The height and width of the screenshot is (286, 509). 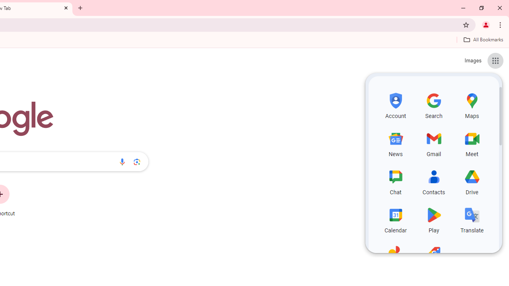 I want to click on 'Chat, row 3 of 5 and column 1 of 3 in the first section', so click(x=396, y=181).